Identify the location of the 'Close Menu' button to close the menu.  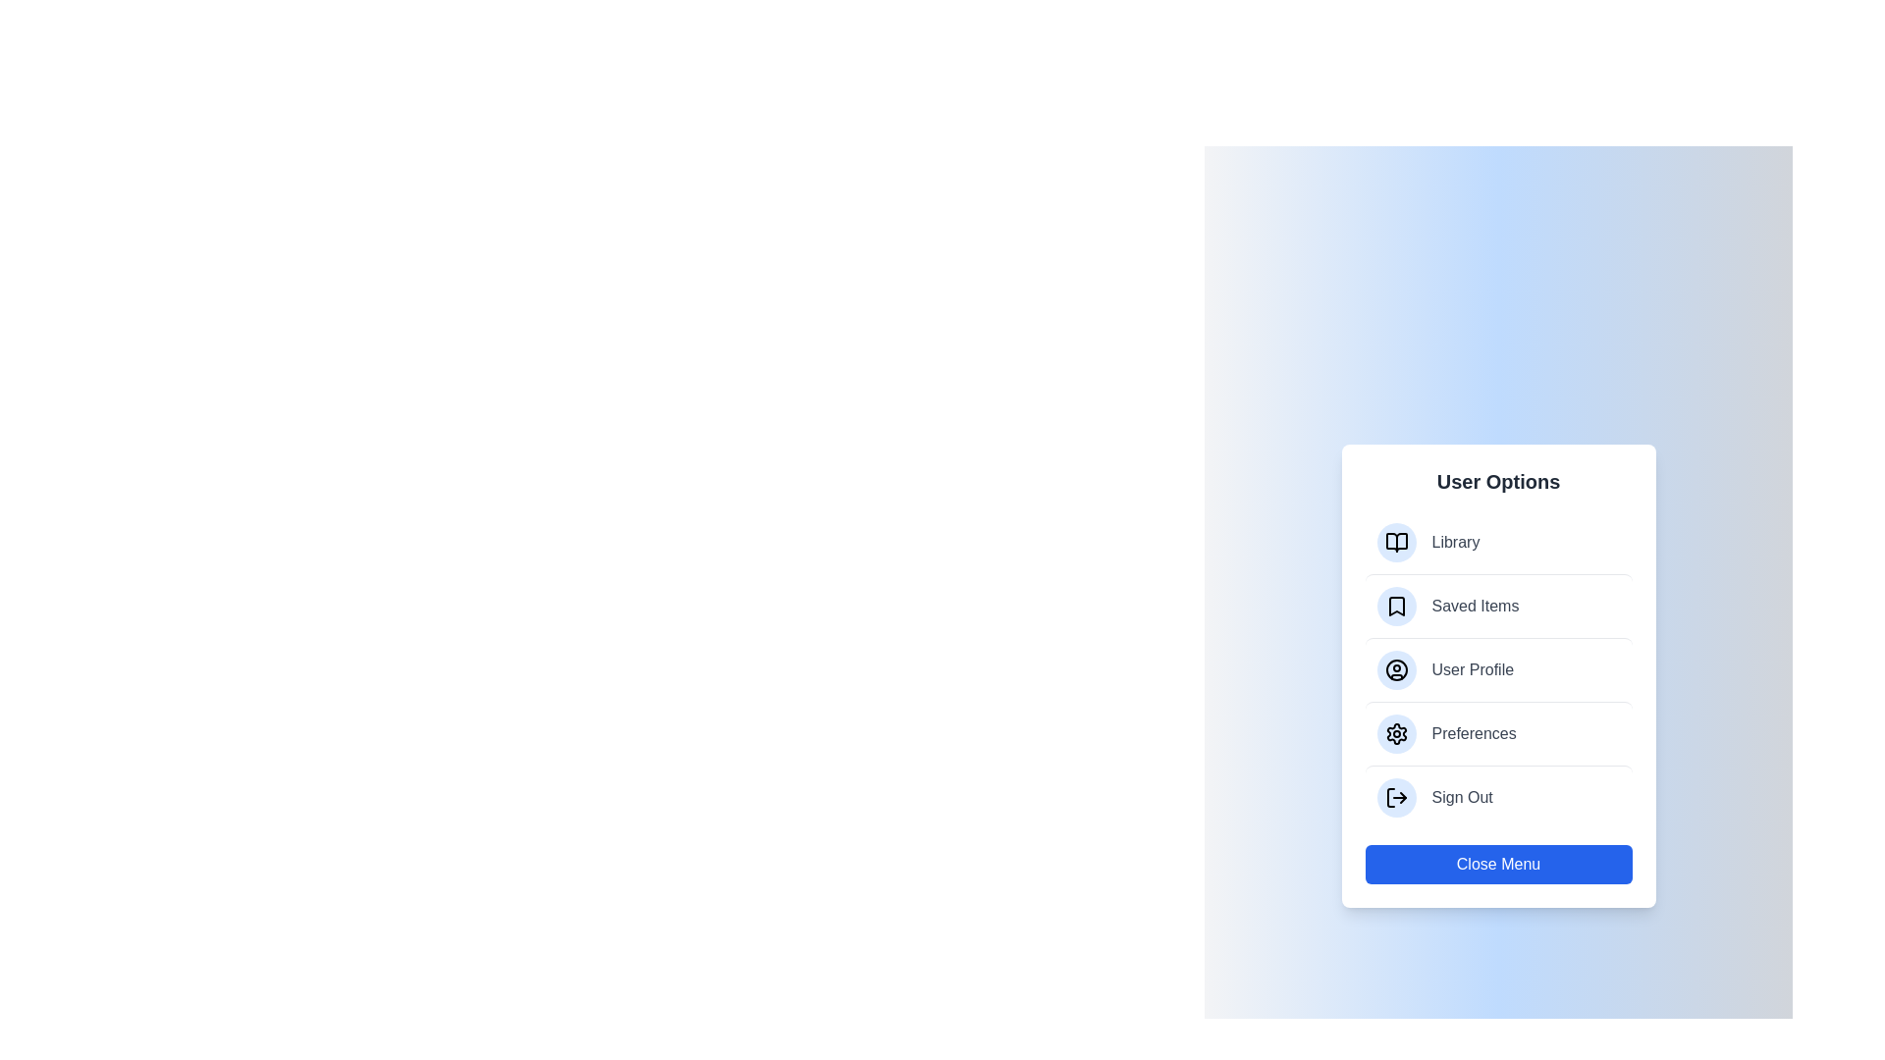
(1497, 863).